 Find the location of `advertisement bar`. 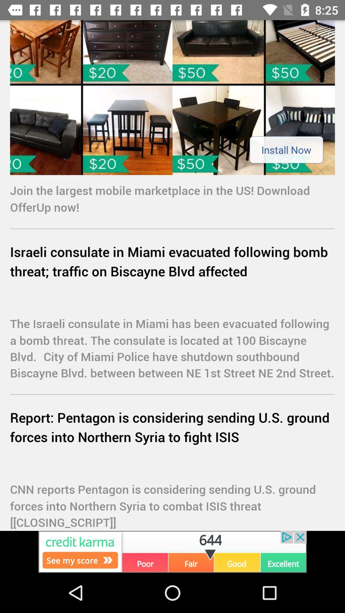

advertisement bar is located at coordinates (172, 551).